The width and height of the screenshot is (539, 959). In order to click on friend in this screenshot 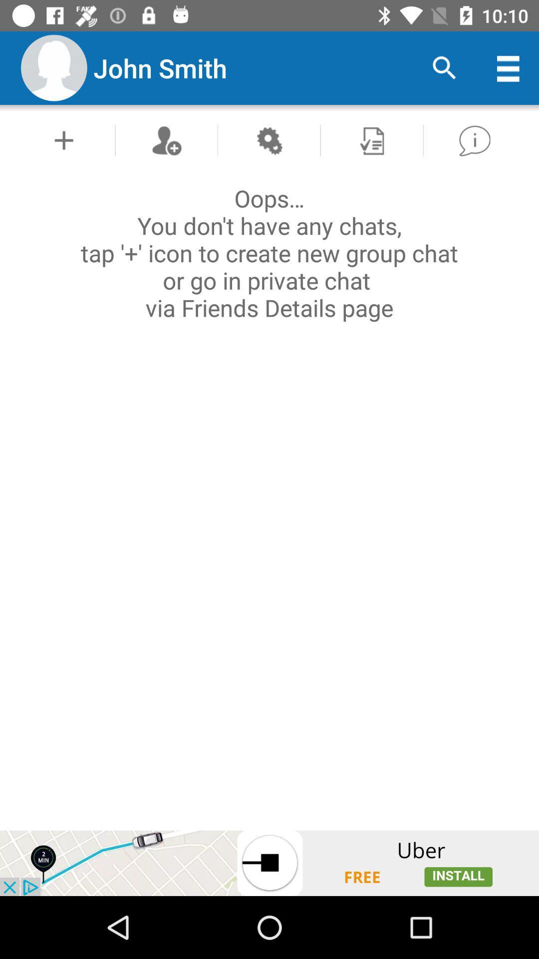, I will do `click(166, 140)`.